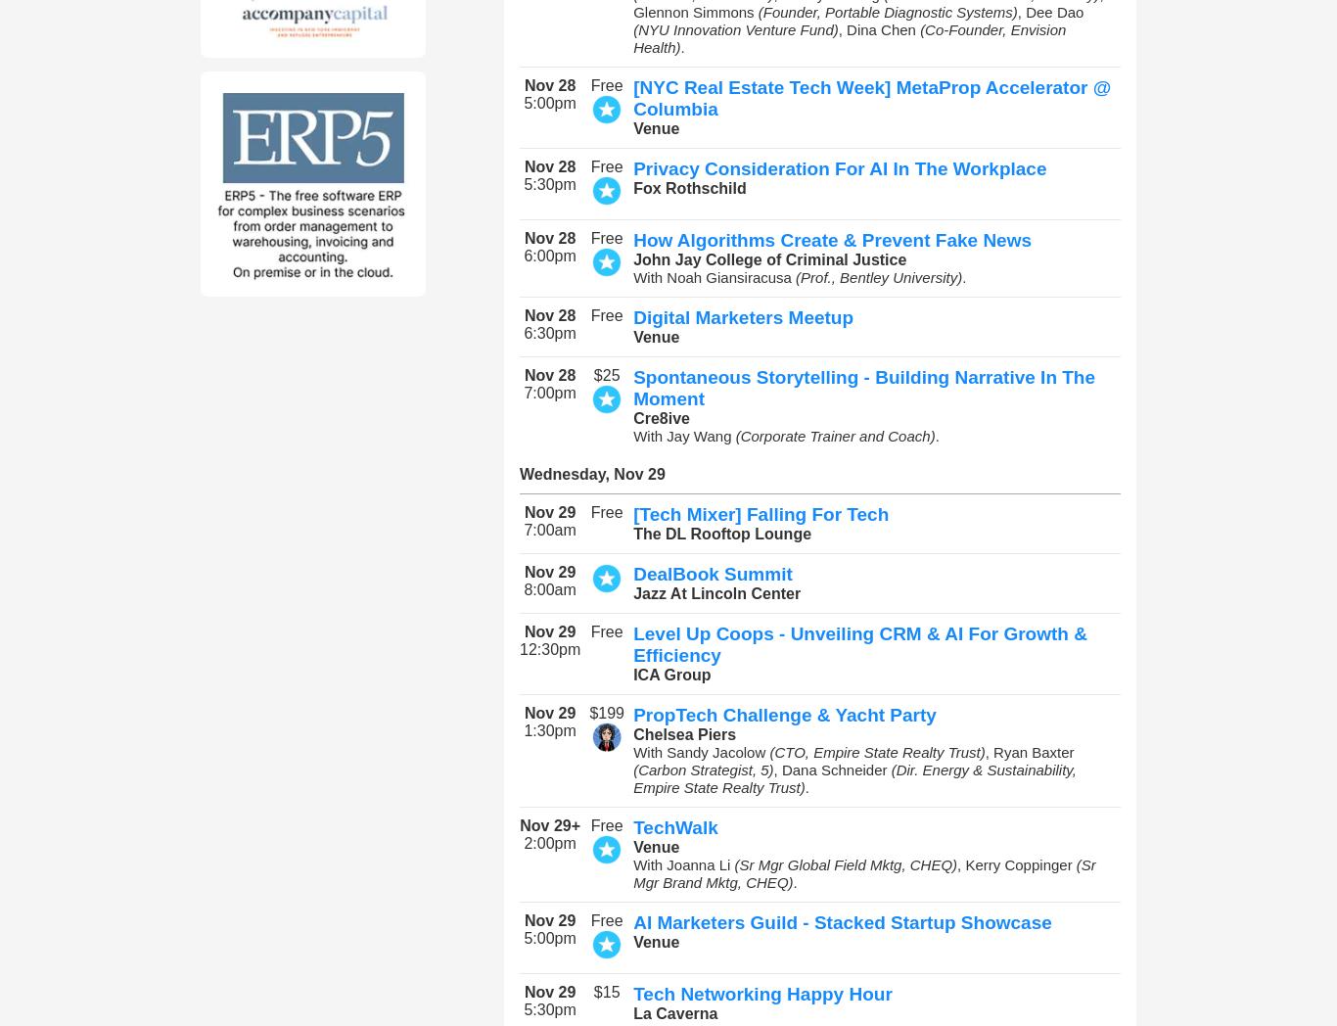  What do you see at coordinates (862, 872) in the screenshot?
I see `'(Sr Mgr Brand Mktg, CHEQ)'` at bounding box center [862, 872].